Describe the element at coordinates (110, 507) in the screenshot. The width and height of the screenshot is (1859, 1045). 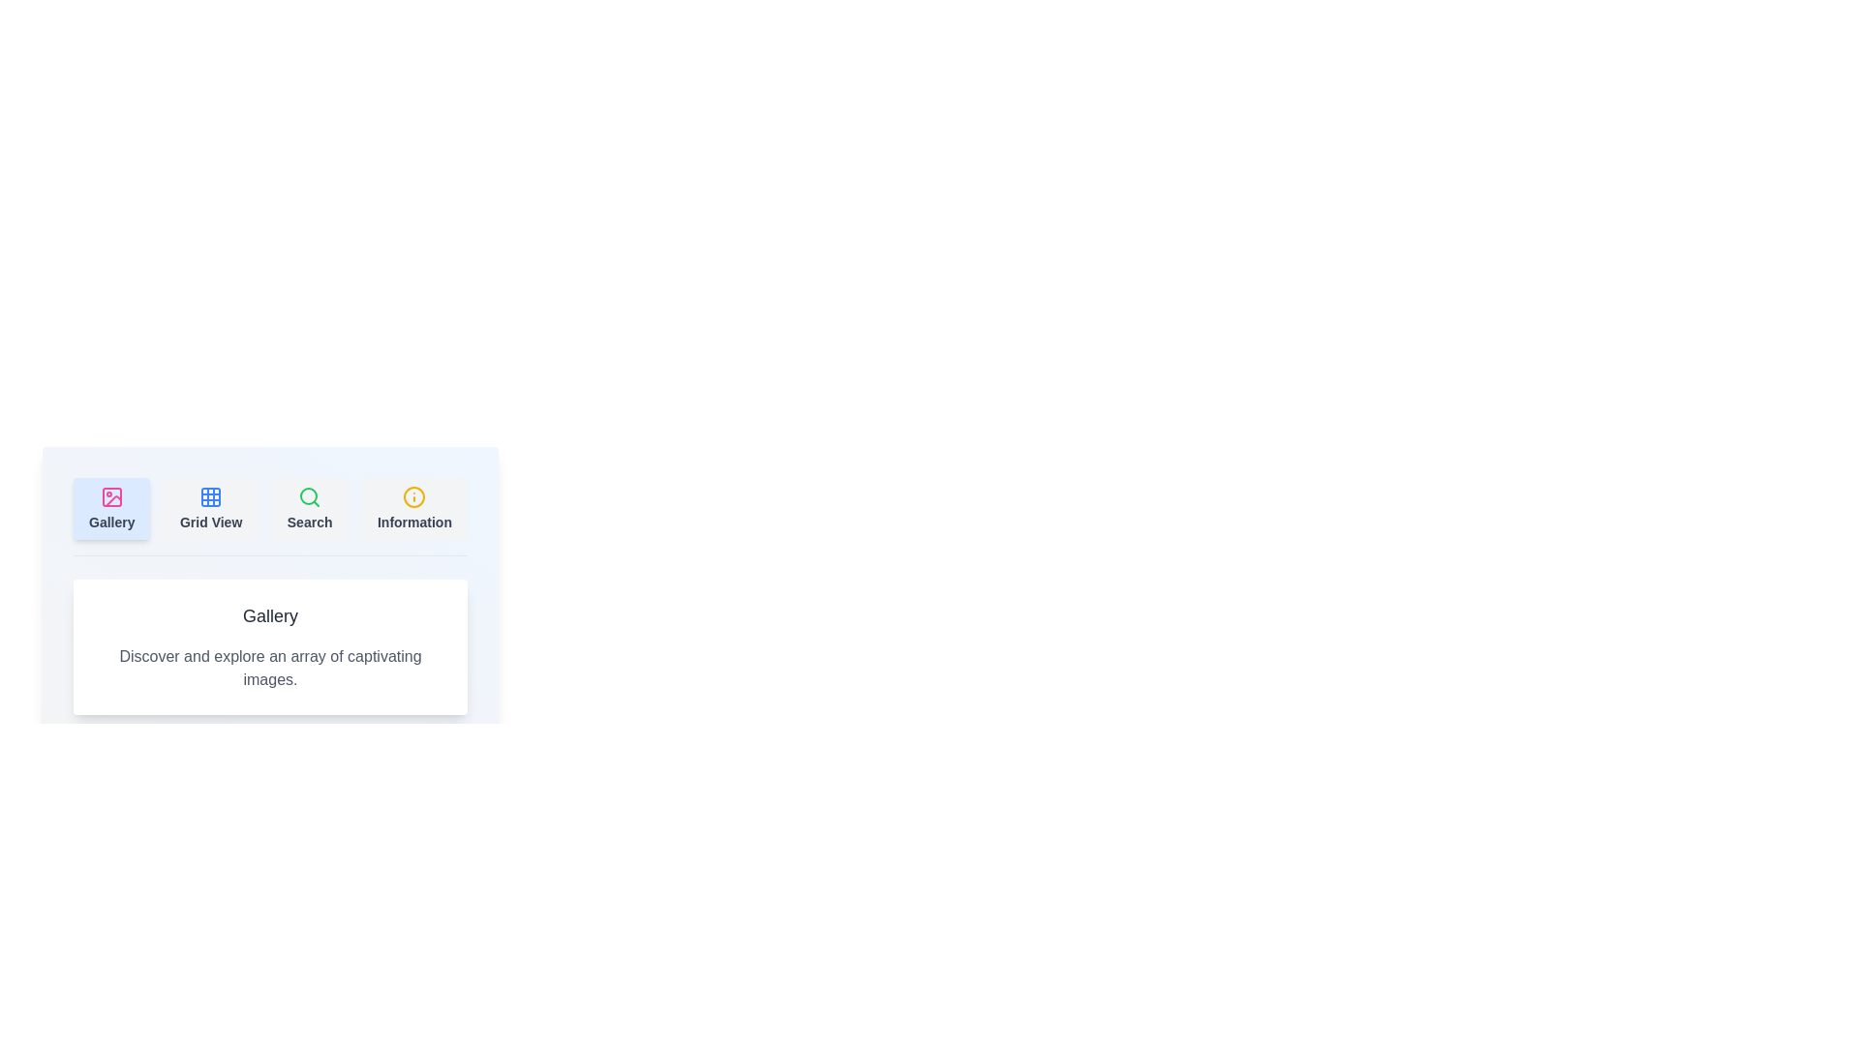
I see `the tab button labeled 'Gallery' to observe the hover effect` at that location.